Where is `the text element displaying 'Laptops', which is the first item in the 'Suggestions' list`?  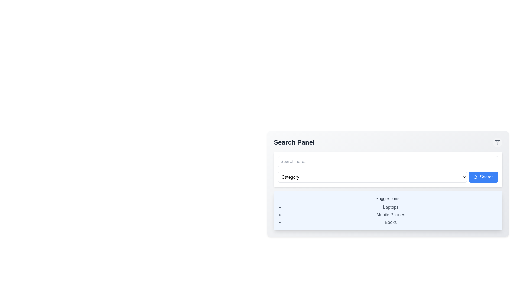 the text element displaying 'Laptops', which is the first item in the 'Suggestions' list is located at coordinates (391, 207).